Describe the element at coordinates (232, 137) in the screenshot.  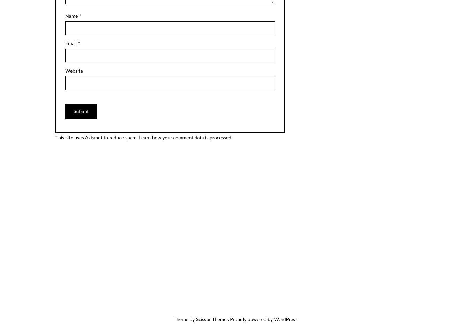
I see `'.'` at that location.